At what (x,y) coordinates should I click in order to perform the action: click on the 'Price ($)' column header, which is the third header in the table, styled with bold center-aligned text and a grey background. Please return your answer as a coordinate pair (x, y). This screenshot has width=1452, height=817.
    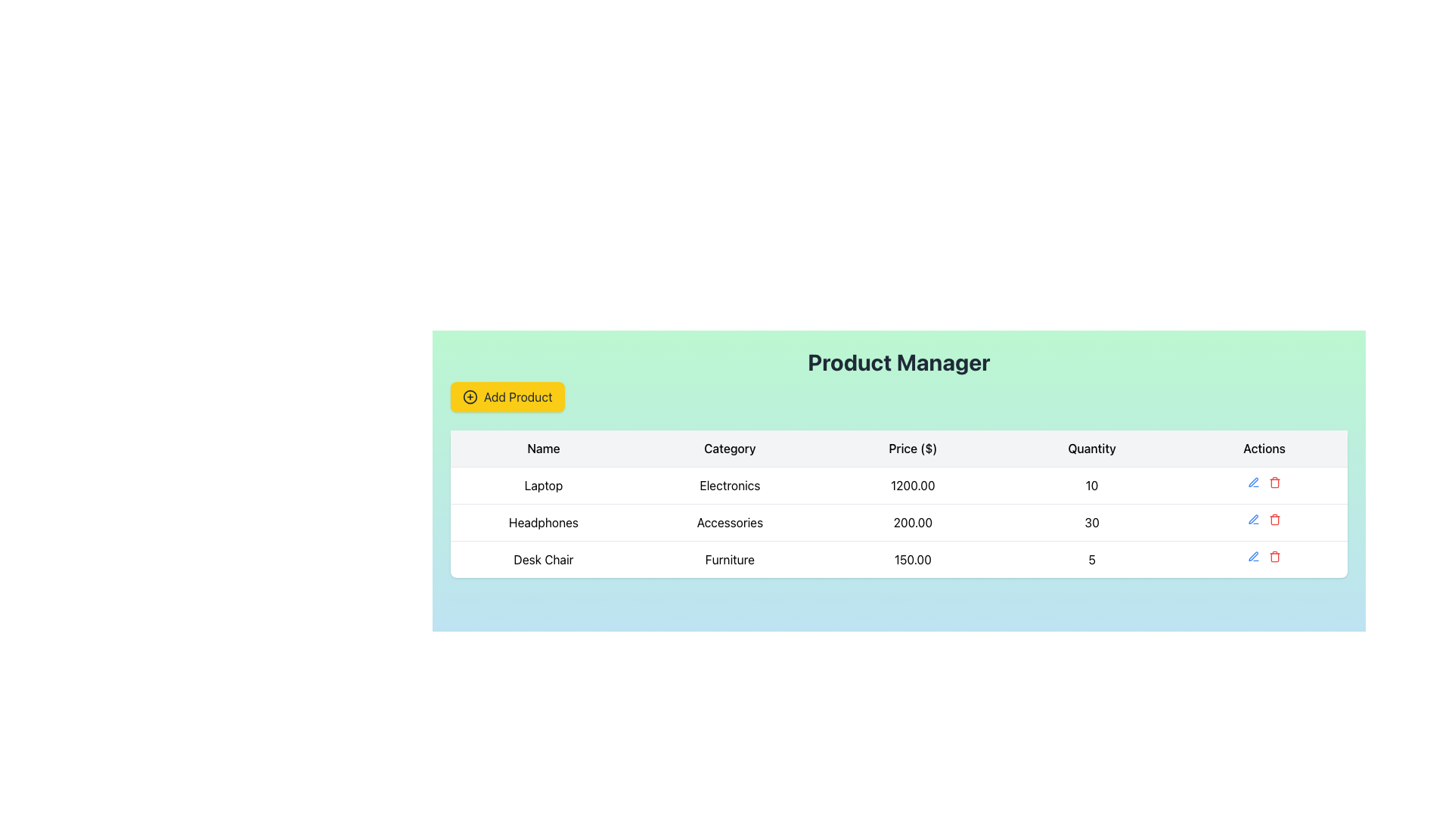
    Looking at the image, I should click on (912, 448).